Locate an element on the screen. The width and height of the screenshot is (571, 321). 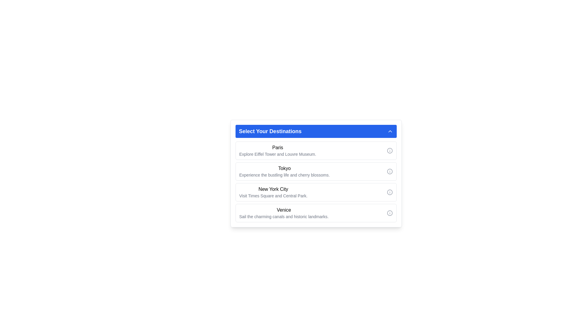
the informational icon located at the far-right end of the row labeled 'Venice' is located at coordinates (390, 213).